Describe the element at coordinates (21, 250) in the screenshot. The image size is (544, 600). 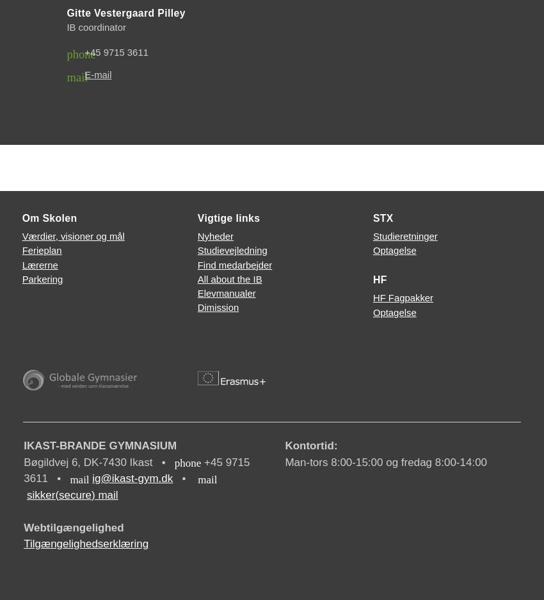
I see `'Ferieplan'` at that location.